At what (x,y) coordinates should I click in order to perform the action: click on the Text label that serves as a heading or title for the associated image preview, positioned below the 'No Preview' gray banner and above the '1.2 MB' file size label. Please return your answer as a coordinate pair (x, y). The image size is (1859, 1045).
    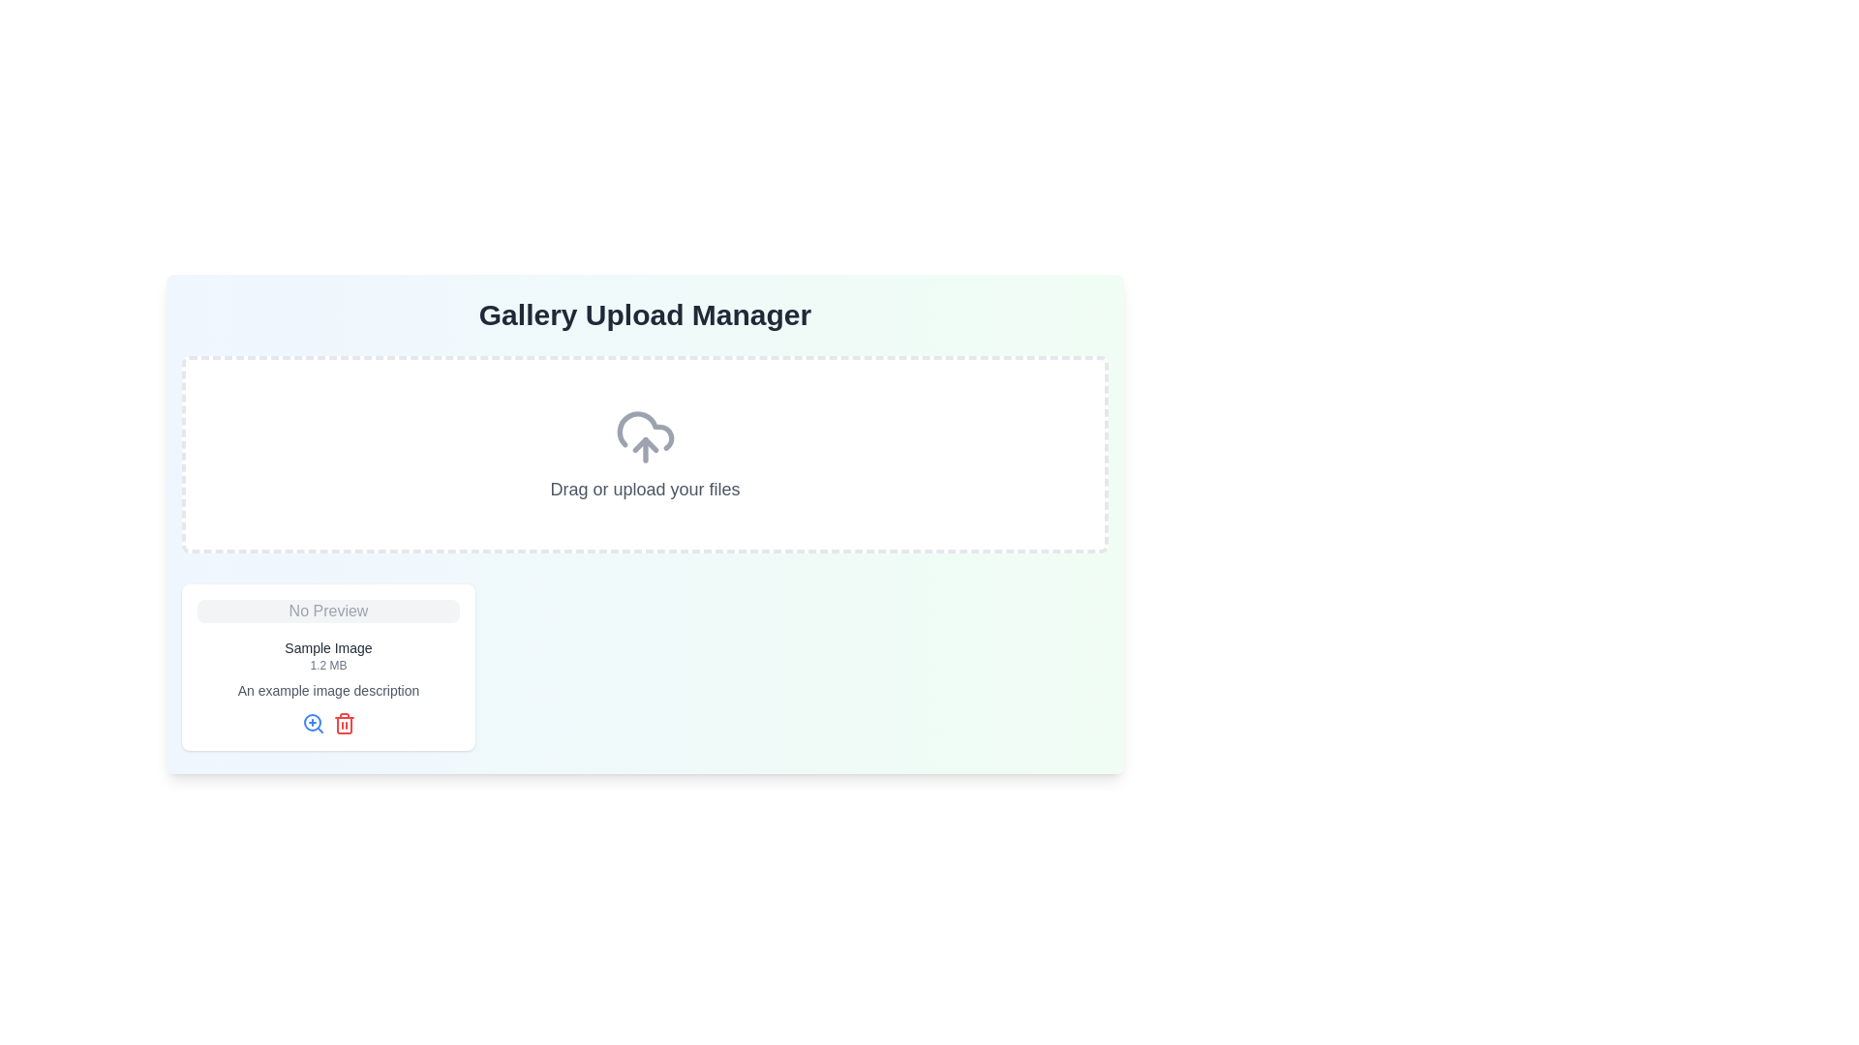
    Looking at the image, I should click on (328, 648).